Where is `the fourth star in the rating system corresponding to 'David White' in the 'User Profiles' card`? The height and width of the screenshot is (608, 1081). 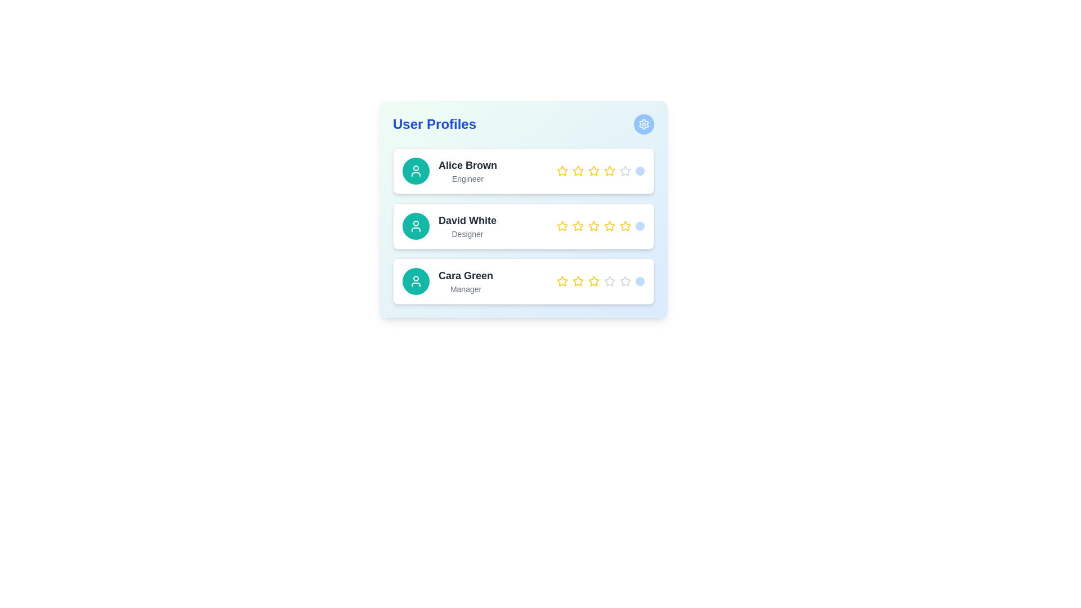
the fourth star in the rating system corresponding to 'David White' in the 'User Profiles' card is located at coordinates (593, 226).